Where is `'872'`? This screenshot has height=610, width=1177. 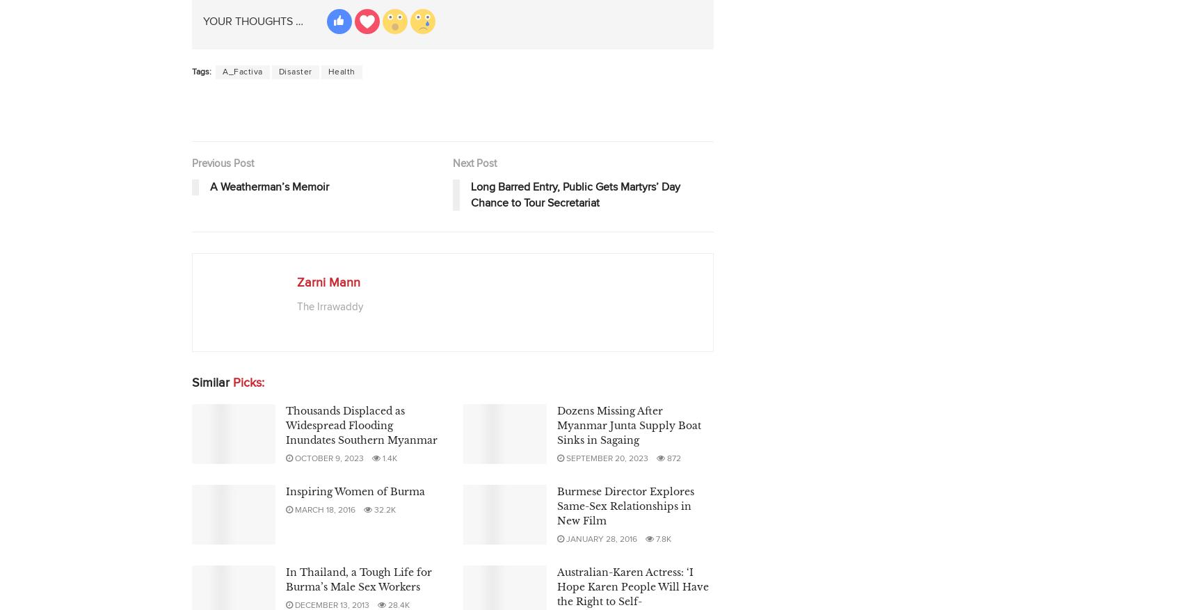
'872' is located at coordinates (673, 459).